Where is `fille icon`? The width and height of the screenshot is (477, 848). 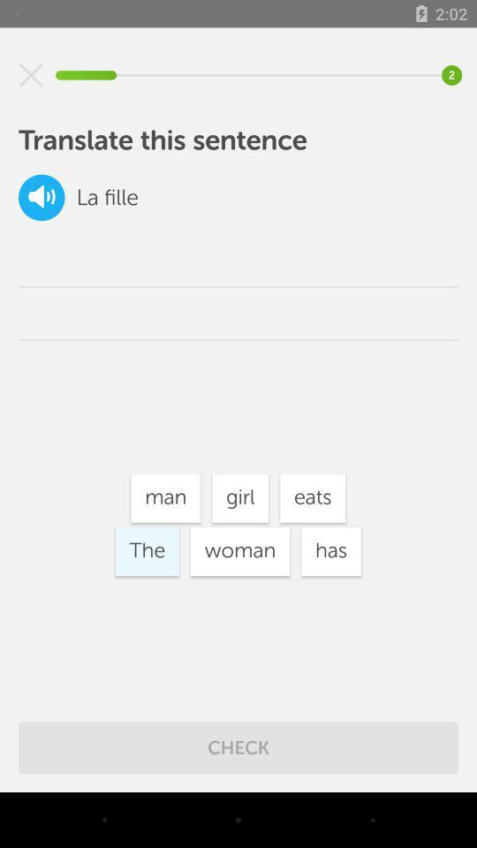 fille icon is located at coordinates (120, 197).